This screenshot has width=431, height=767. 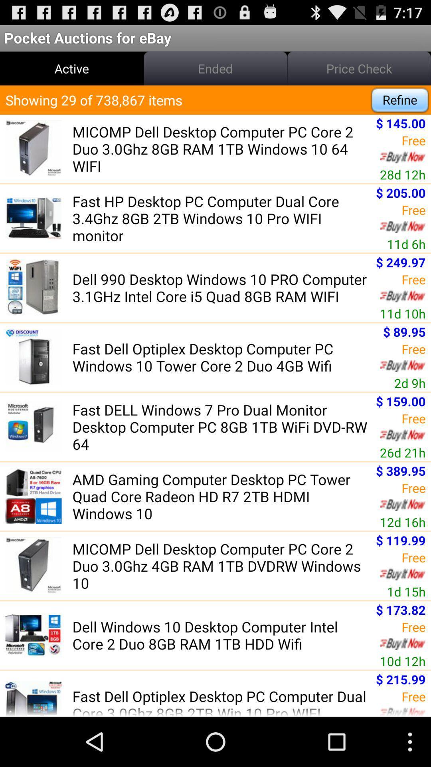 I want to click on app above the $ 249.97, so click(x=406, y=243).